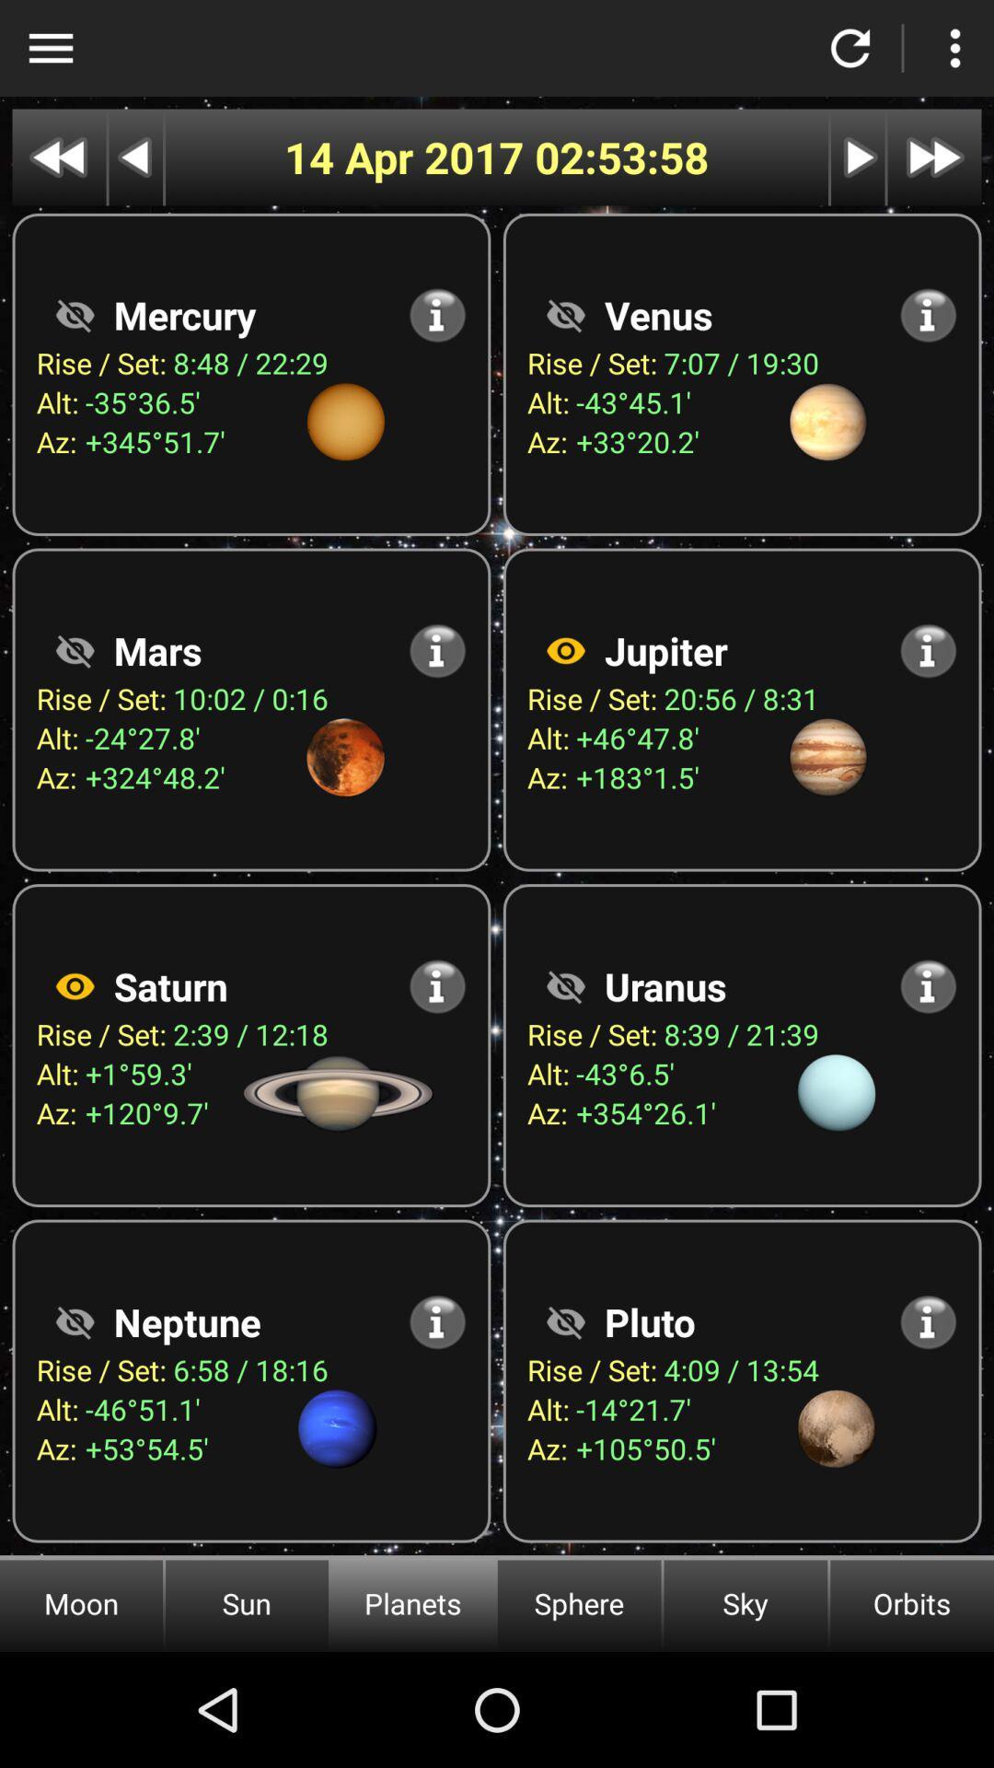  What do you see at coordinates (850, 48) in the screenshot?
I see `refresh page` at bounding box center [850, 48].